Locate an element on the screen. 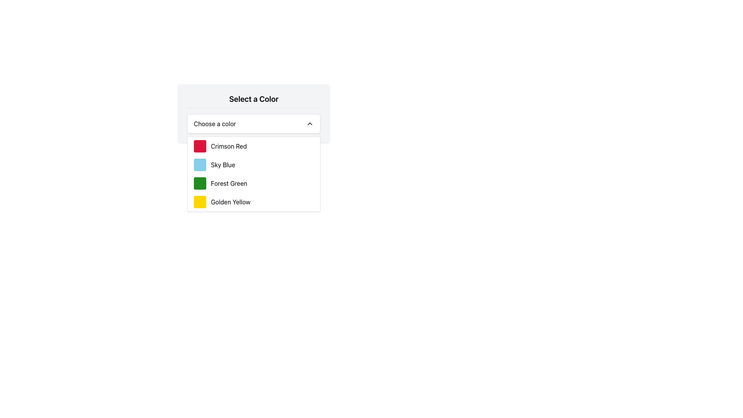 The height and width of the screenshot is (418, 743). the list item element labeled 'Sky Blue' is located at coordinates (254, 164).